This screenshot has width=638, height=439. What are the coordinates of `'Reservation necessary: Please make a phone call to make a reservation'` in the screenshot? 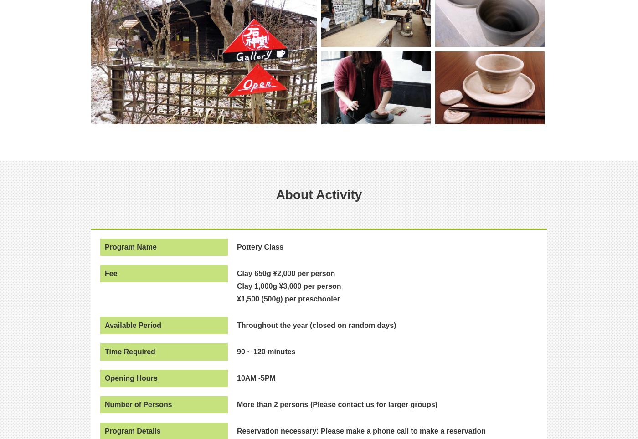 It's located at (361, 430).